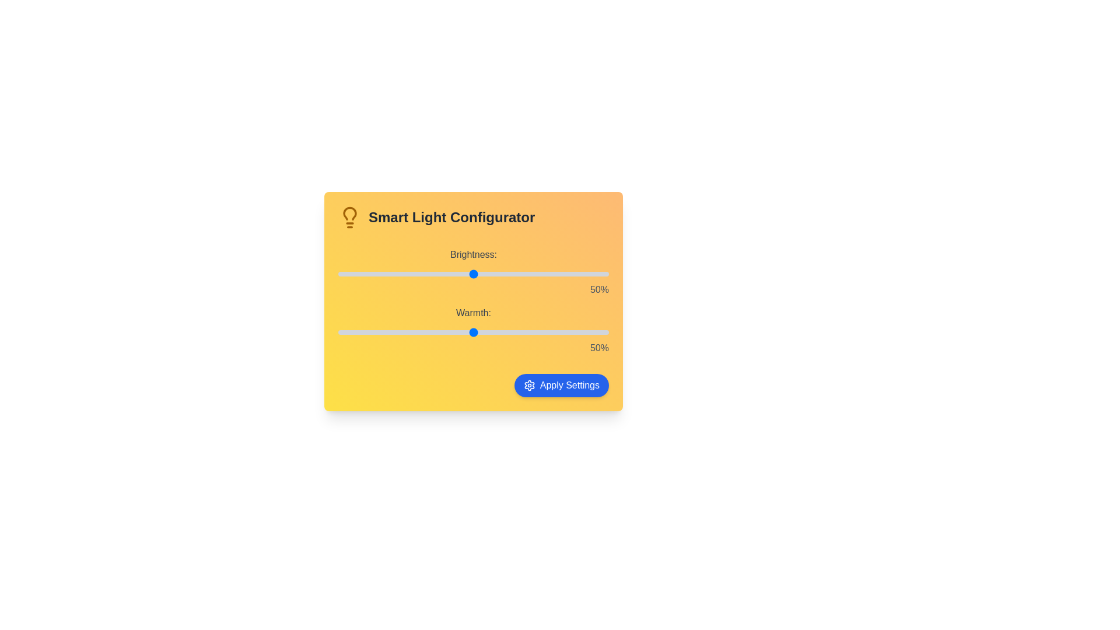  Describe the element at coordinates (484, 332) in the screenshot. I see `the warmth level` at that location.